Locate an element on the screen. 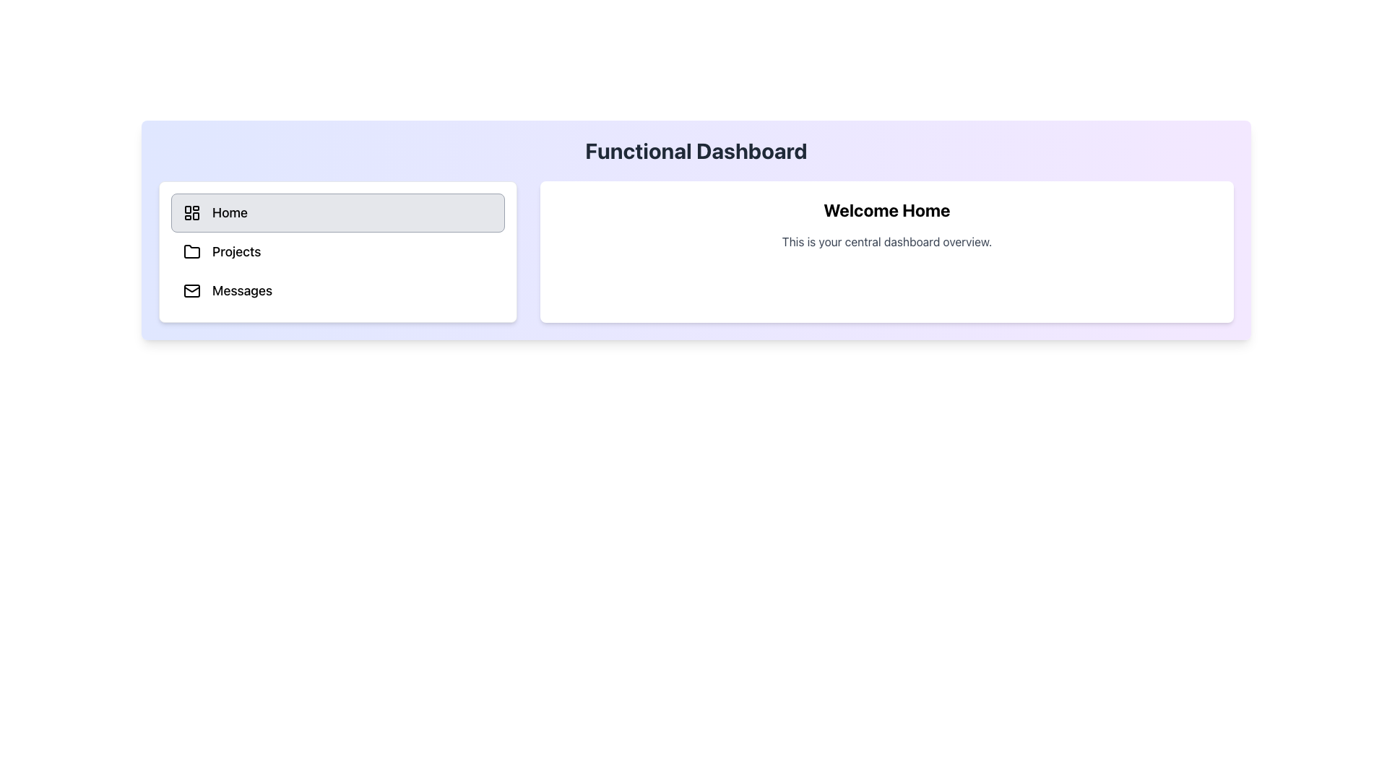  the 'Messages' button, which is the third button in the vertical list of options in the left navigation panel is located at coordinates (337, 290).